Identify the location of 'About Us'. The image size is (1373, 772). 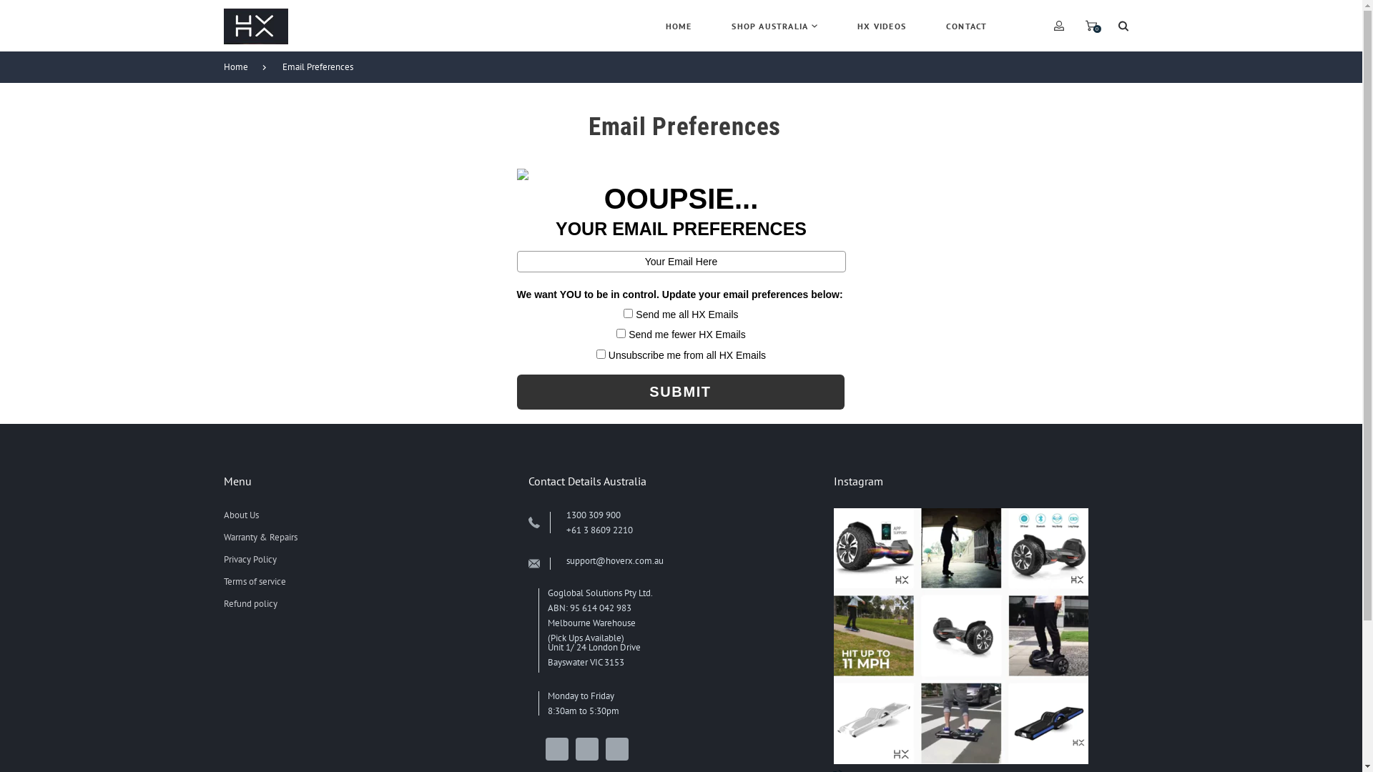
(240, 515).